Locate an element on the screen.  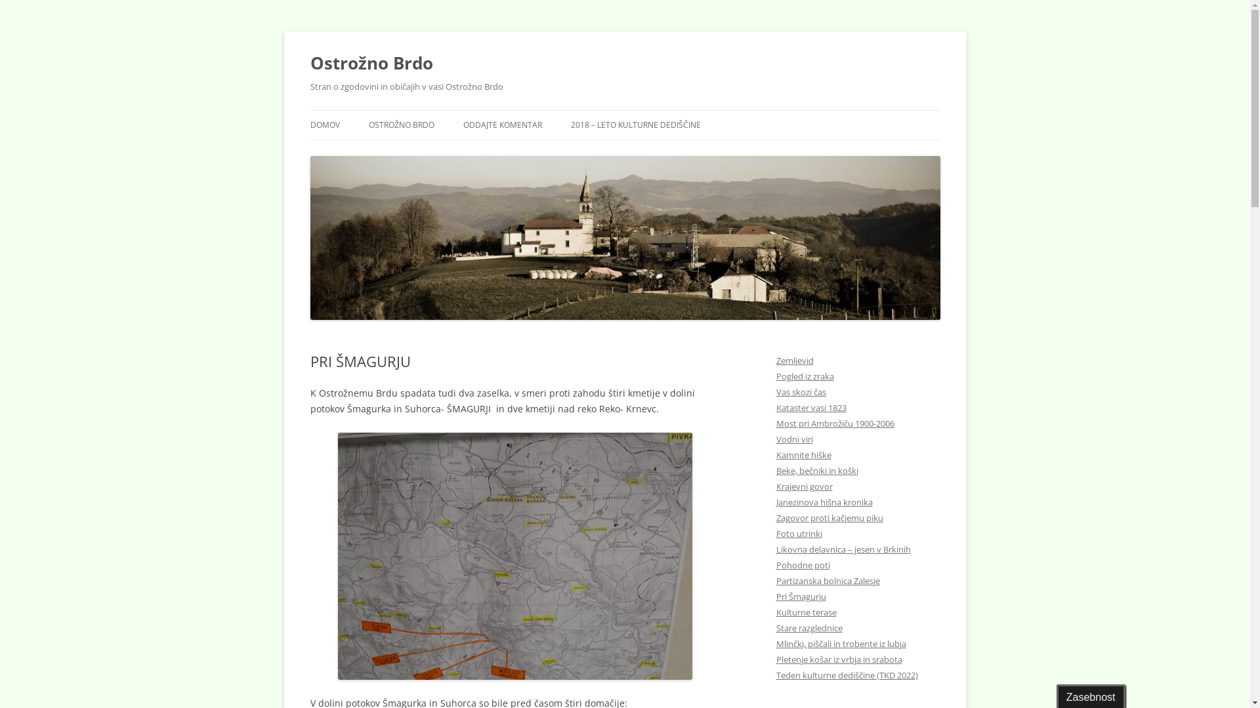
'Zemljevid' is located at coordinates (793, 361).